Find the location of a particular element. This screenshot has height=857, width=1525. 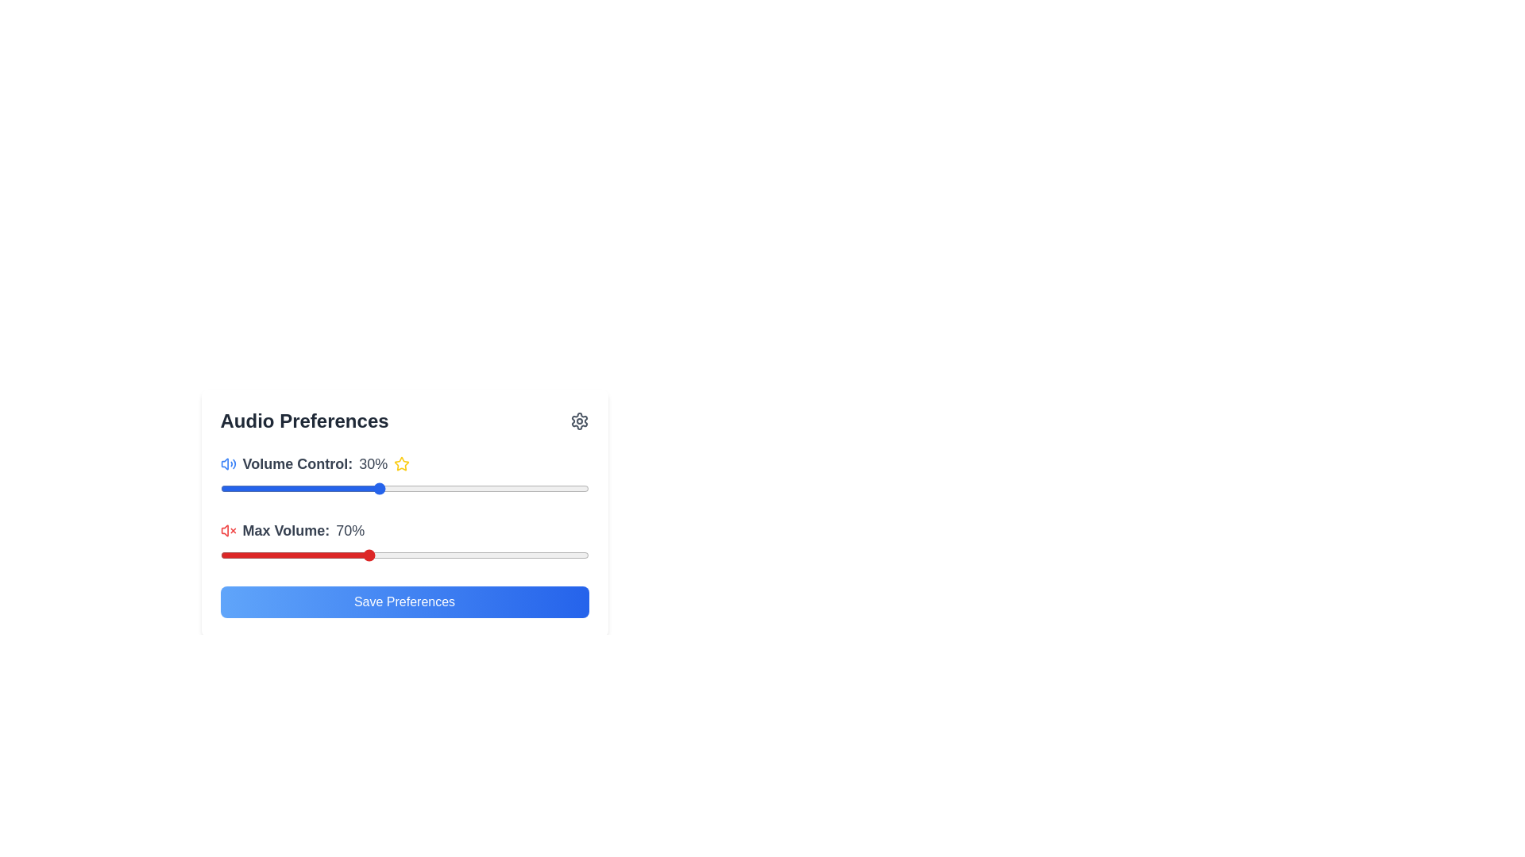

the text display indicating the current maximum volume setting, which is located in the second row of the 'Audio Preferences' section, below the 'Volume Control: 30%' element and above the red slider bar is located at coordinates (404, 530).